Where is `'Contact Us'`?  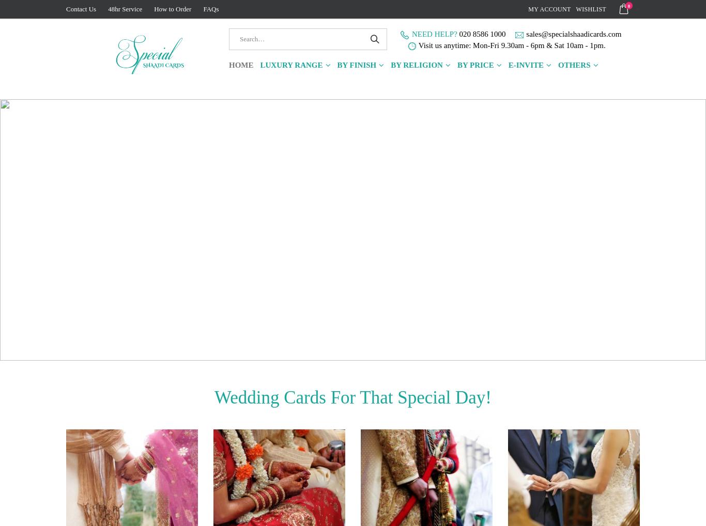 'Contact Us' is located at coordinates (80, 8).